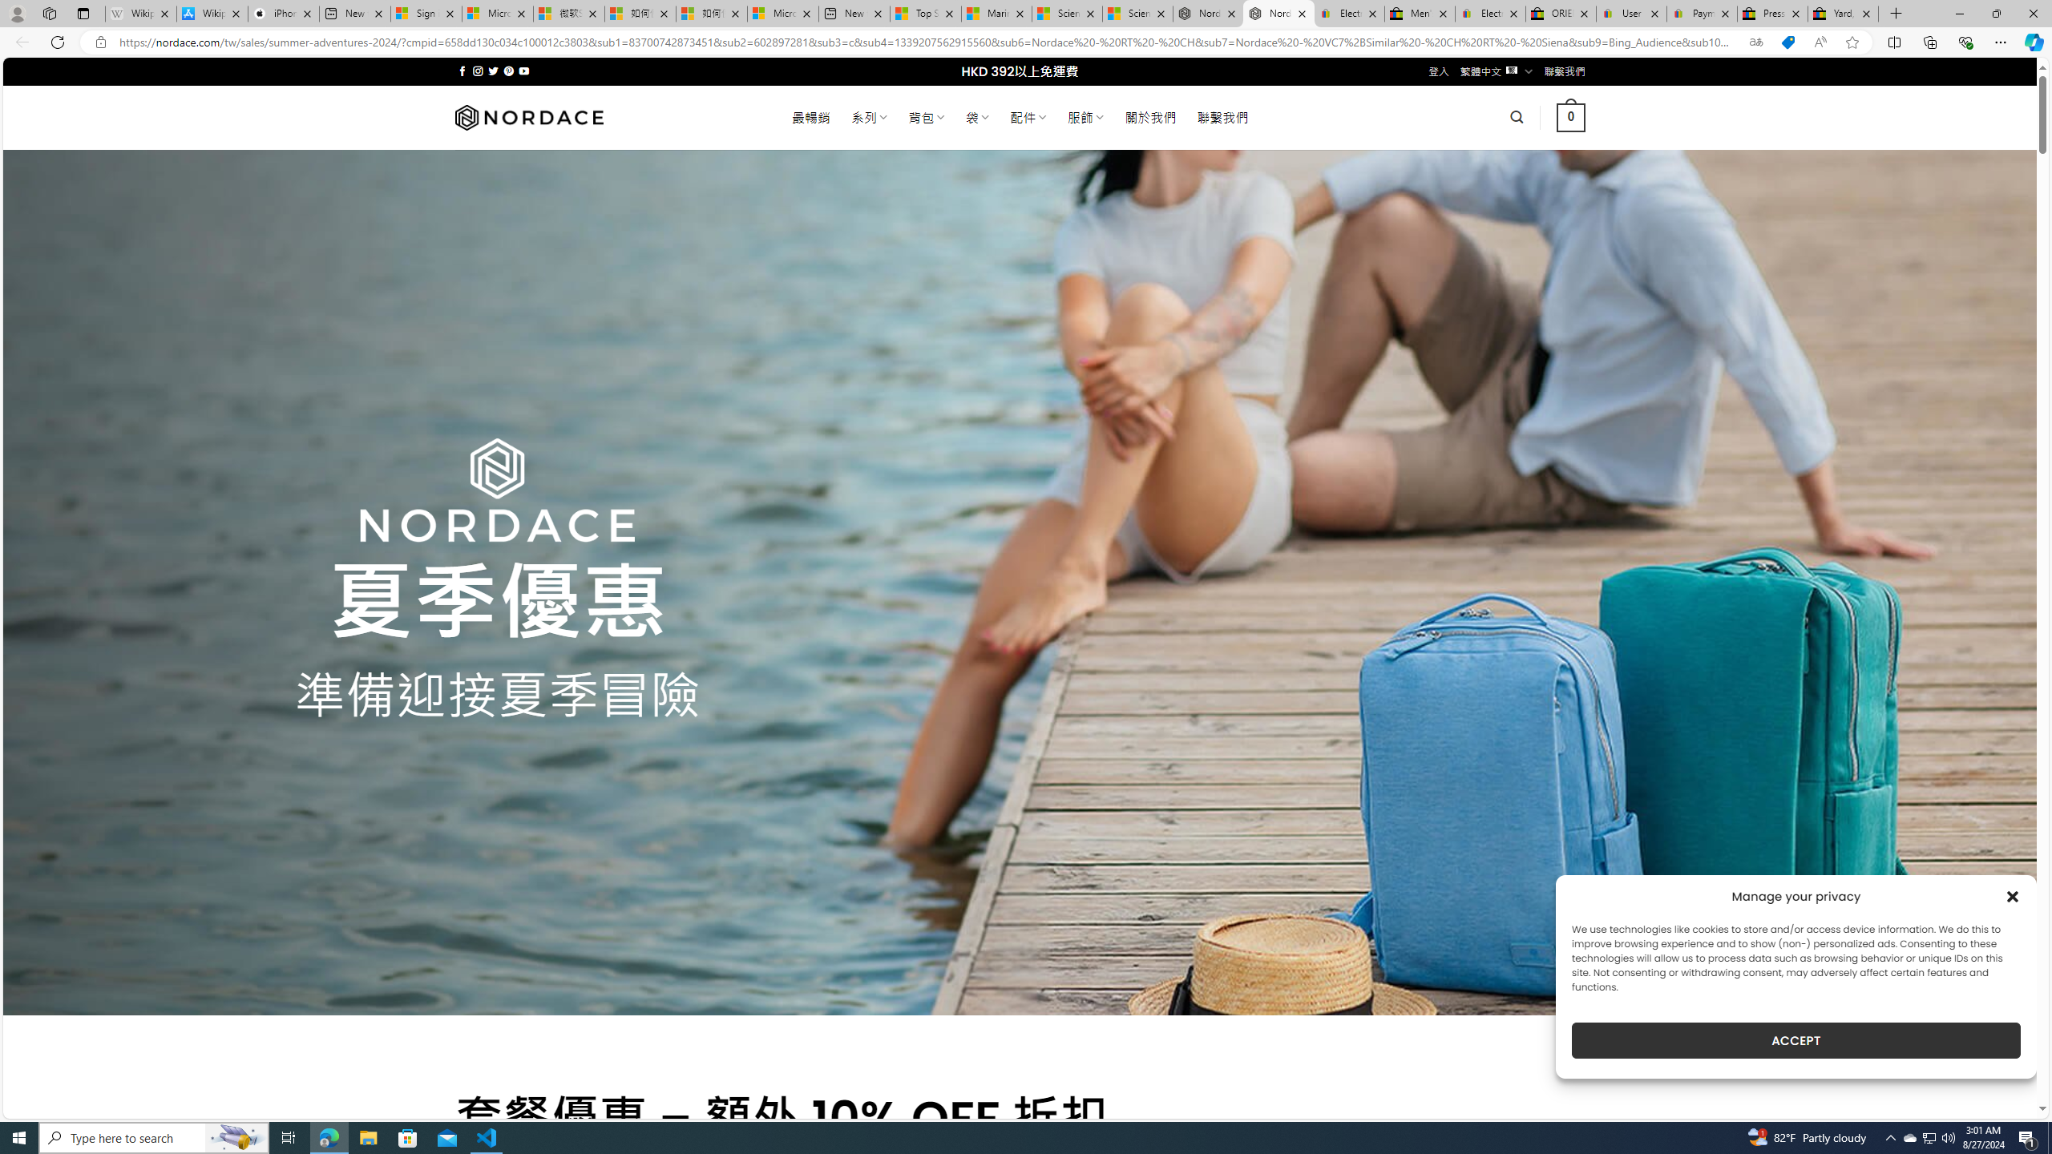 This screenshot has height=1154, width=2052. What do you see at coordinates (1702, 13) in the screenshot?
I see `'Payments Terms of Use | eBay.com'` at bounding box center [1702, 13].